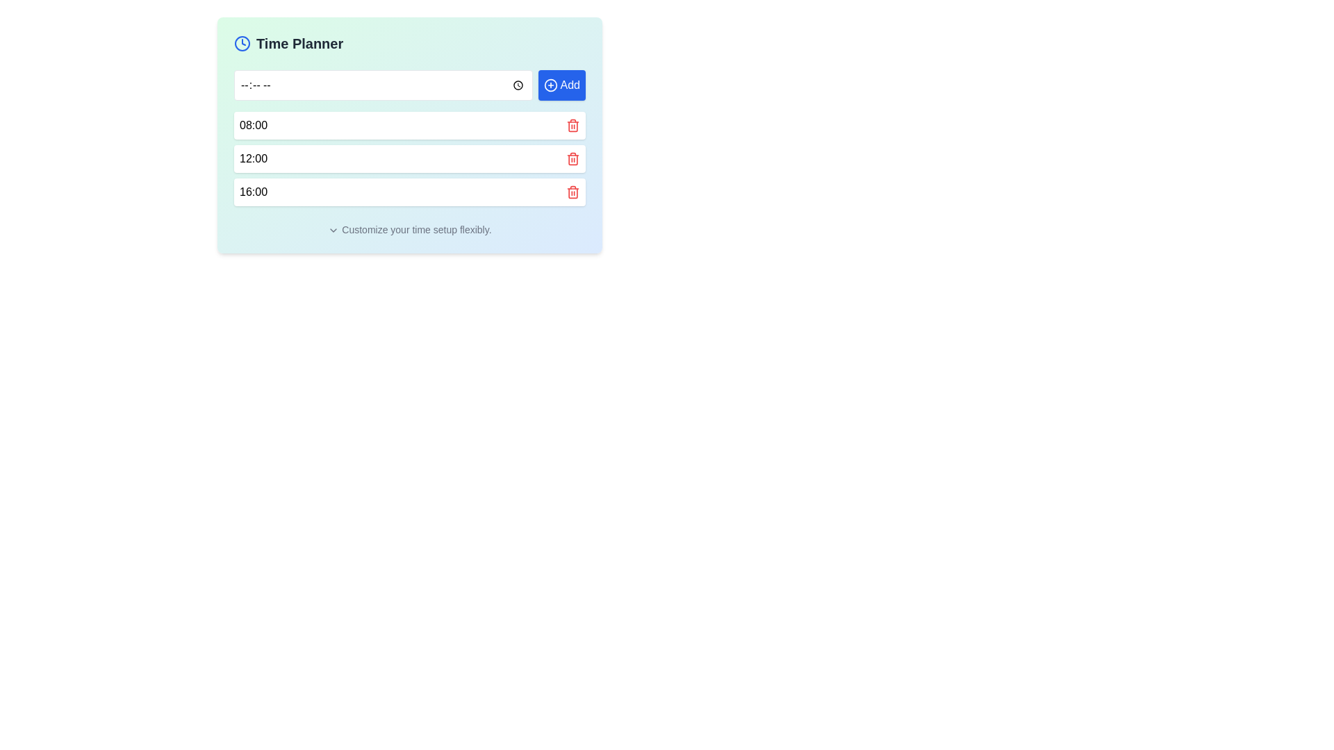 This screenshot has height=750, width=1334. Describe the element at coordinates (573, 126) in the screenshot. I see `the interactive button styled in red that resembles a trash bin for deletion actions` at that location.